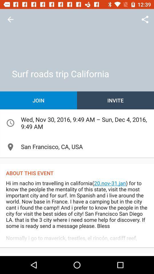 The width and height of the screenshot is (154, 274). What do you see at coordinates (77, 147) in the screenshot?
I see `item above about this event icon` at bounding box center [77, 147].